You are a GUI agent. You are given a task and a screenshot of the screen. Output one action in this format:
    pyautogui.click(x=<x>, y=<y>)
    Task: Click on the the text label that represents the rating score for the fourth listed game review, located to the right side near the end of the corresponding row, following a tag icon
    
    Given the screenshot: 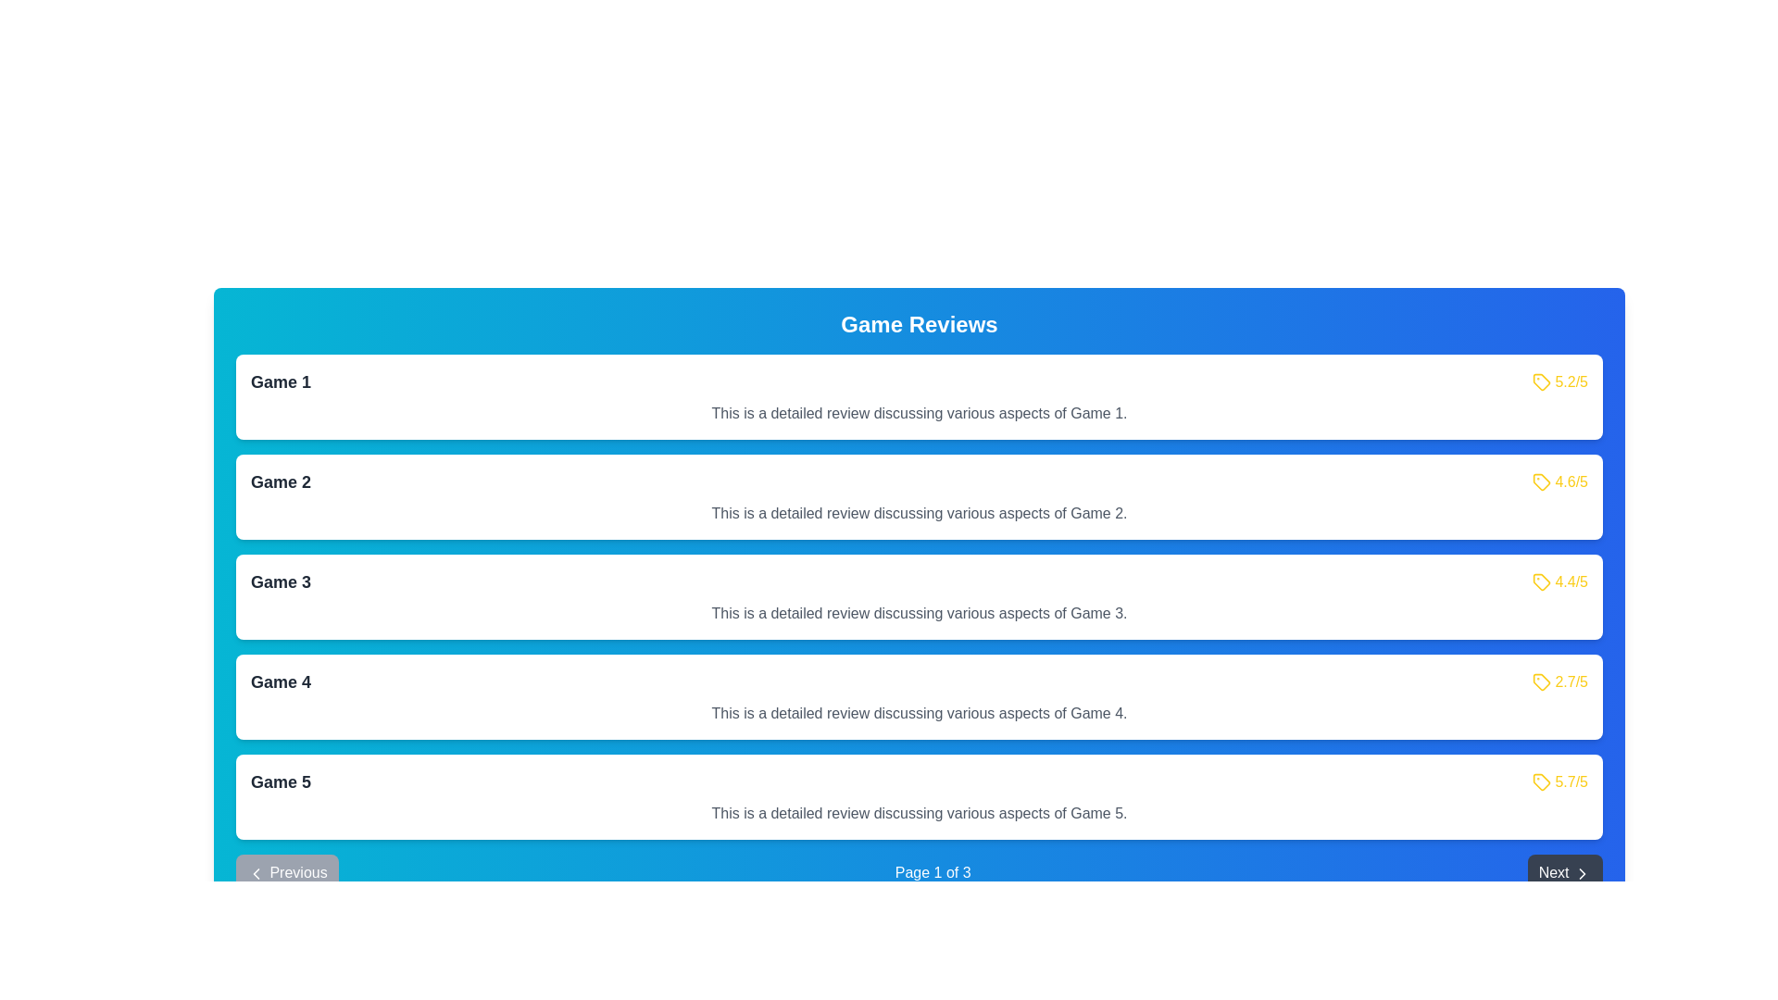 What is the action you would take?
    pyautogui.click(x=1571, y=681)
    